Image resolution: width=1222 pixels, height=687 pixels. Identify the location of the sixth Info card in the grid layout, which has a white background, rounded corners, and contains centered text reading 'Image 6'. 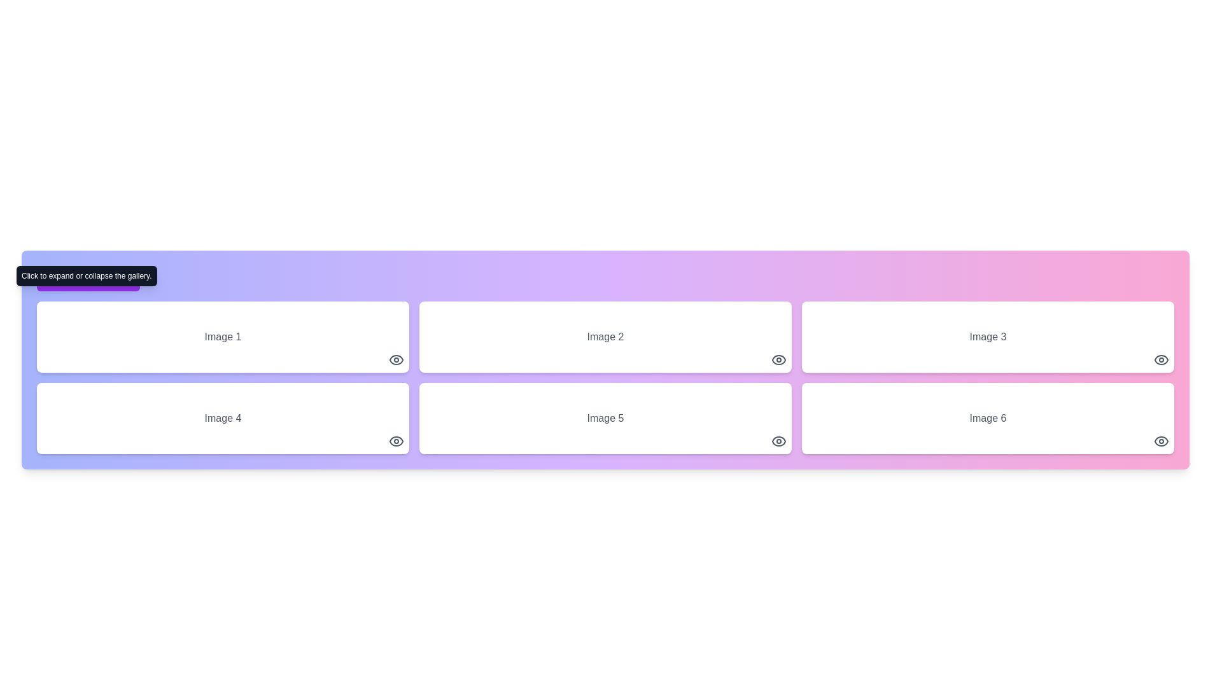
(987, 419).